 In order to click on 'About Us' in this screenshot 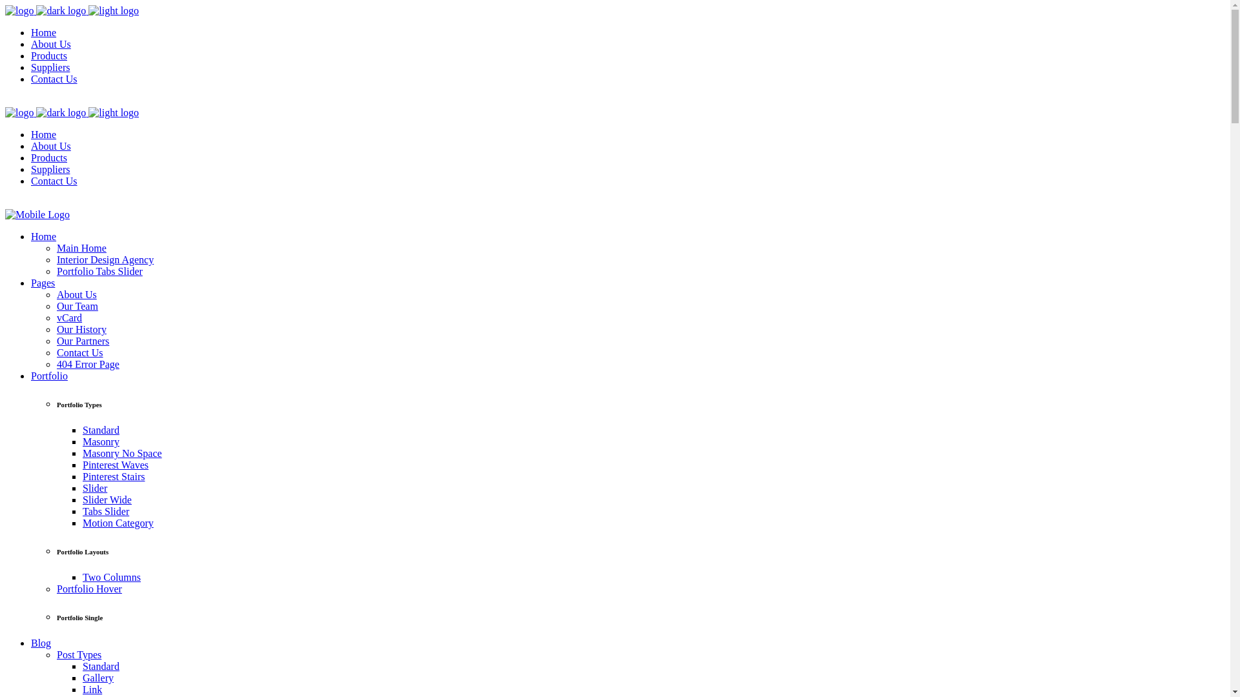, I will do `click(50, 43)`.